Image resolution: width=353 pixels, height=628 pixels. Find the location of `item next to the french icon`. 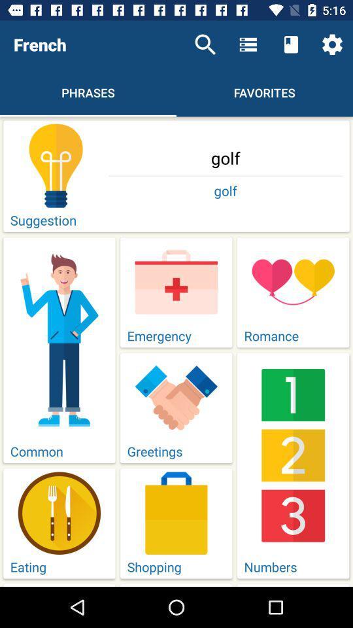

item next to the french icon is located at coordinates (205, 44).